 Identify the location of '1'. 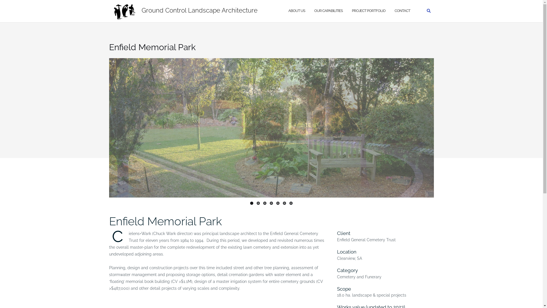
(250, 203).